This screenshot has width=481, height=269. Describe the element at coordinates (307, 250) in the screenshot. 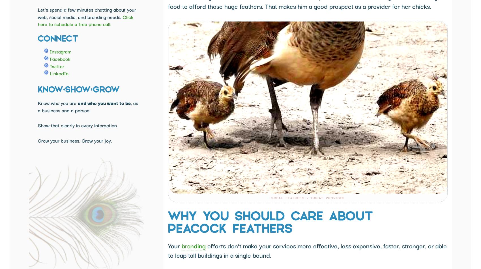

I see `'efforts don’t make your services more effective, less expensive, faster, stronger, or able to leap tall buildings in a single bound.'` at that location.